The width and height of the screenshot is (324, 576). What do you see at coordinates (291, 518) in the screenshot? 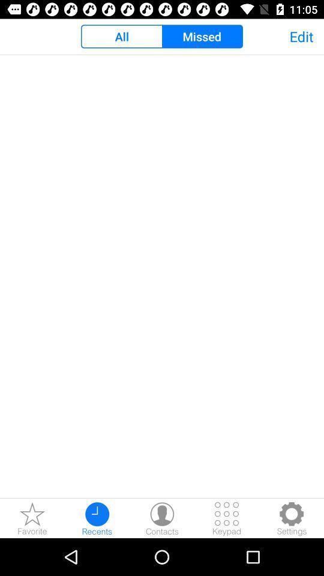
I see `open settings` at bounding box center [291, 518].